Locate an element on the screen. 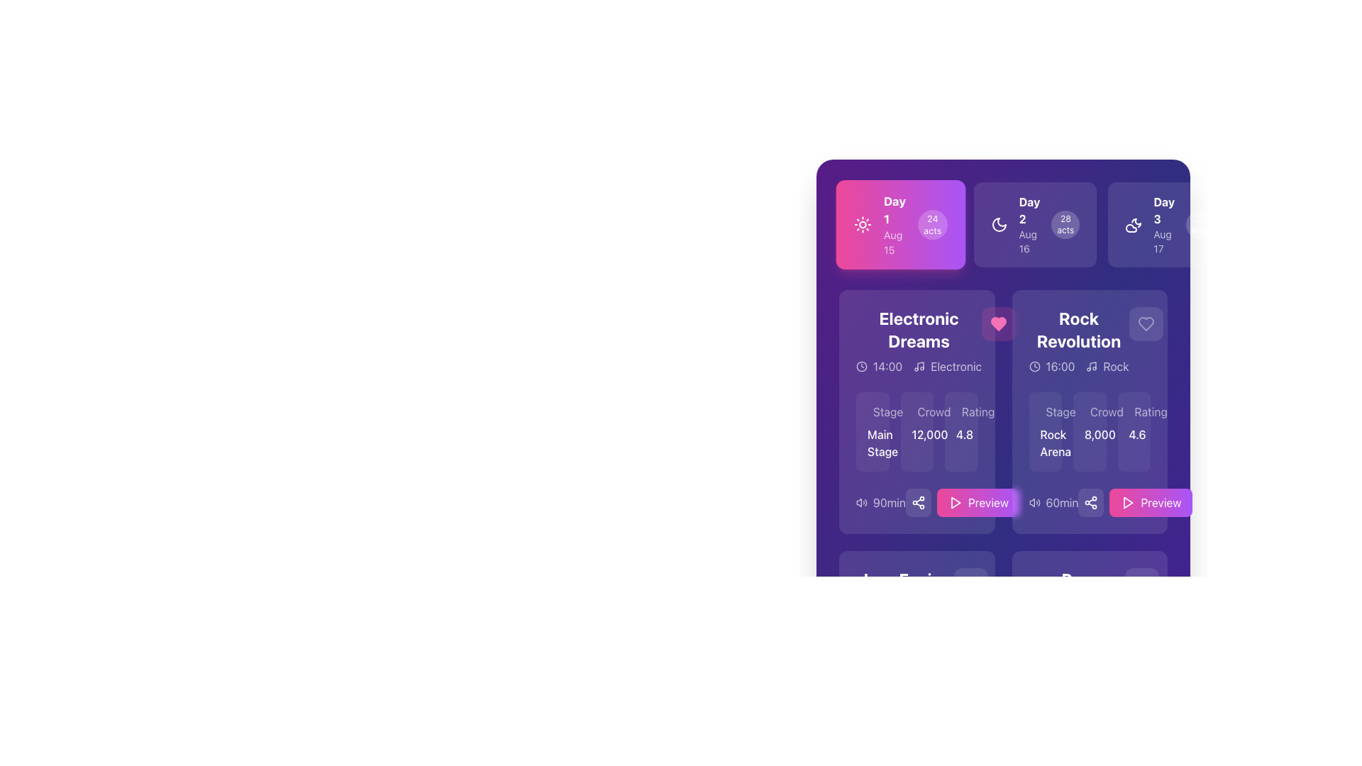  the 'Stage' text label, which is a small rectangular area with white semi-transparent text, located in the top-left corner of the 'Rock Arena' card is located at coordinates (1045, 412).